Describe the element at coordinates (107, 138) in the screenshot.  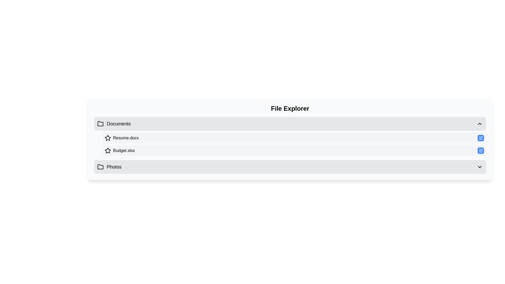
I see `the star icon representing 'Resume.docx' in the Documents section of the file explorer interface` at that location.